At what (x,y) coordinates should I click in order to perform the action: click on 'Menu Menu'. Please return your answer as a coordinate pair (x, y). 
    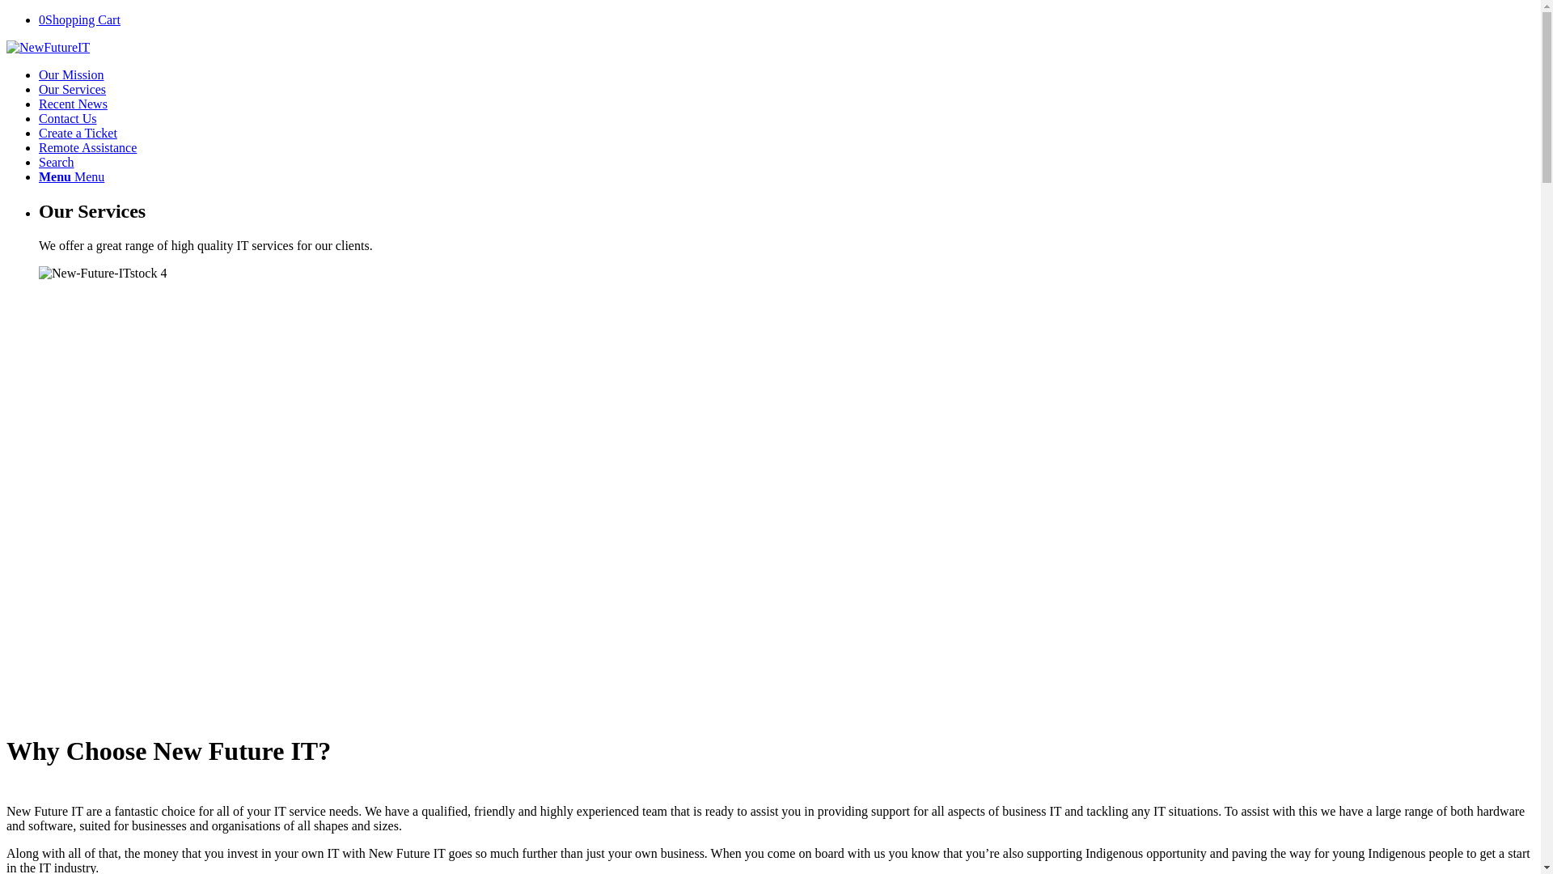
    Looking at the image, I should click on (39, 176).